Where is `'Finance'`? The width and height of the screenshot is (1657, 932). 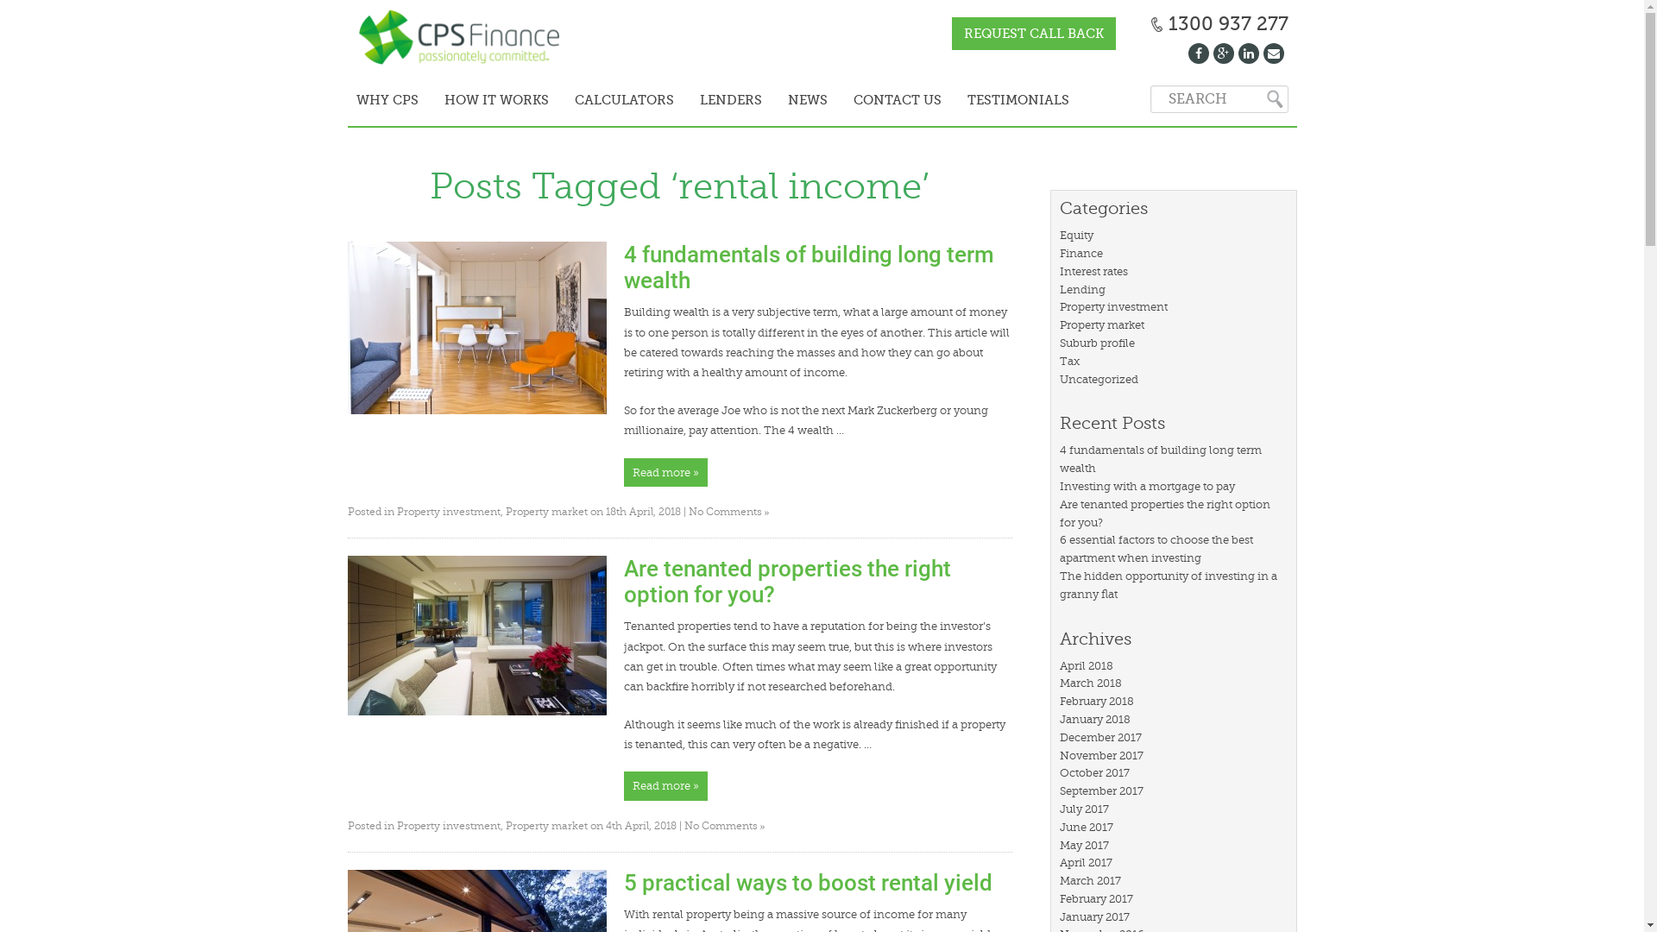
'Finance' is located at coordinates (1080, 253).